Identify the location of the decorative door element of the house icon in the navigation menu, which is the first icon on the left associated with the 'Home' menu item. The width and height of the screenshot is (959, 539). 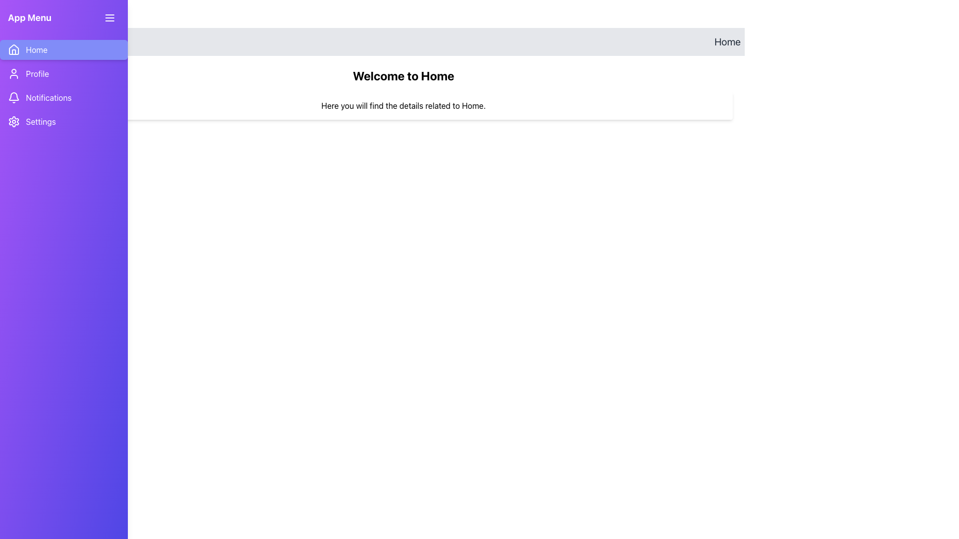
(14, 52).